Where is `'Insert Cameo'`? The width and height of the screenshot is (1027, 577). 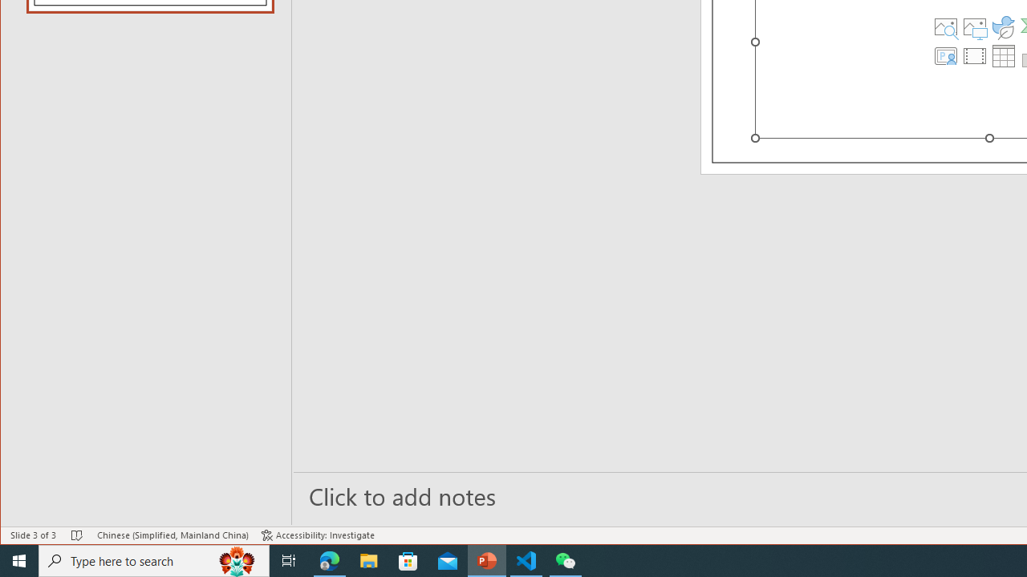
'Insert Cameo' is located at coordinates (946, 54).